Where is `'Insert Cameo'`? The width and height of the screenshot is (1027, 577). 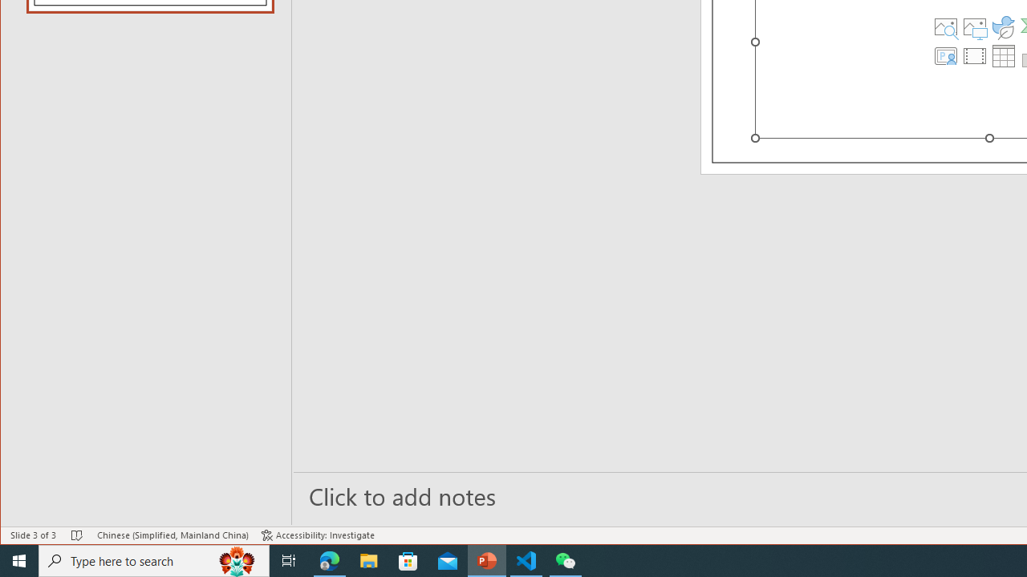
'Insert Cameo' is located at coordinates (946, 54).